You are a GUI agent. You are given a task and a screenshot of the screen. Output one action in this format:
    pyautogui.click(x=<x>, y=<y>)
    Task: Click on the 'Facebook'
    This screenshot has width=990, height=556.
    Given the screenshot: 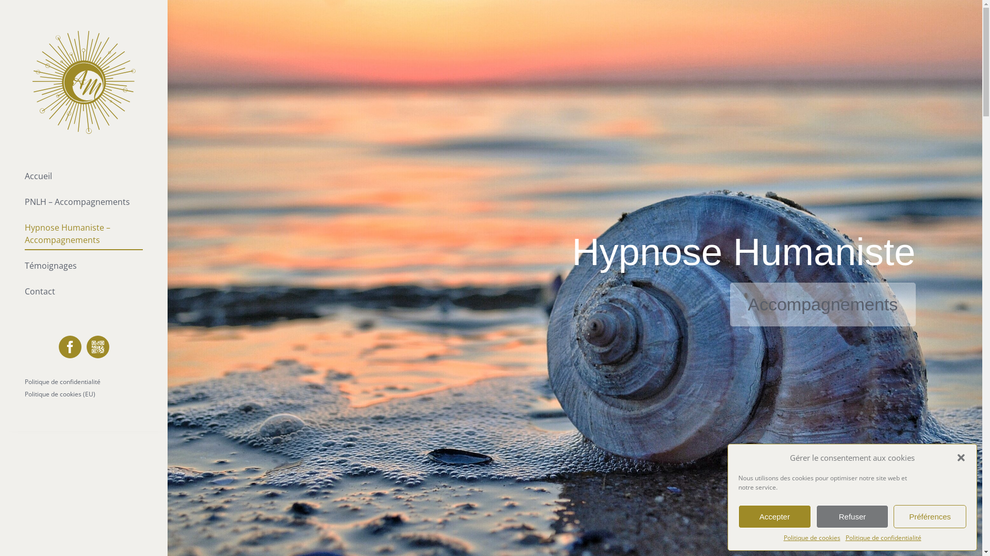 What is the action you would take?
    pyautogui.click(x=69, y=347)
    